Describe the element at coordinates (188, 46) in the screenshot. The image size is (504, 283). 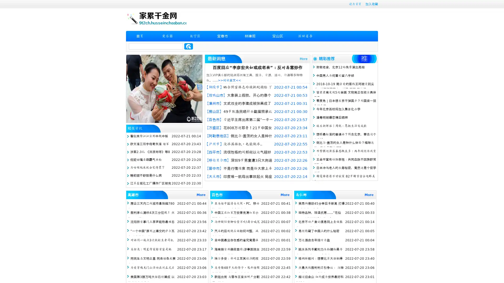
I see `Search` at that location.